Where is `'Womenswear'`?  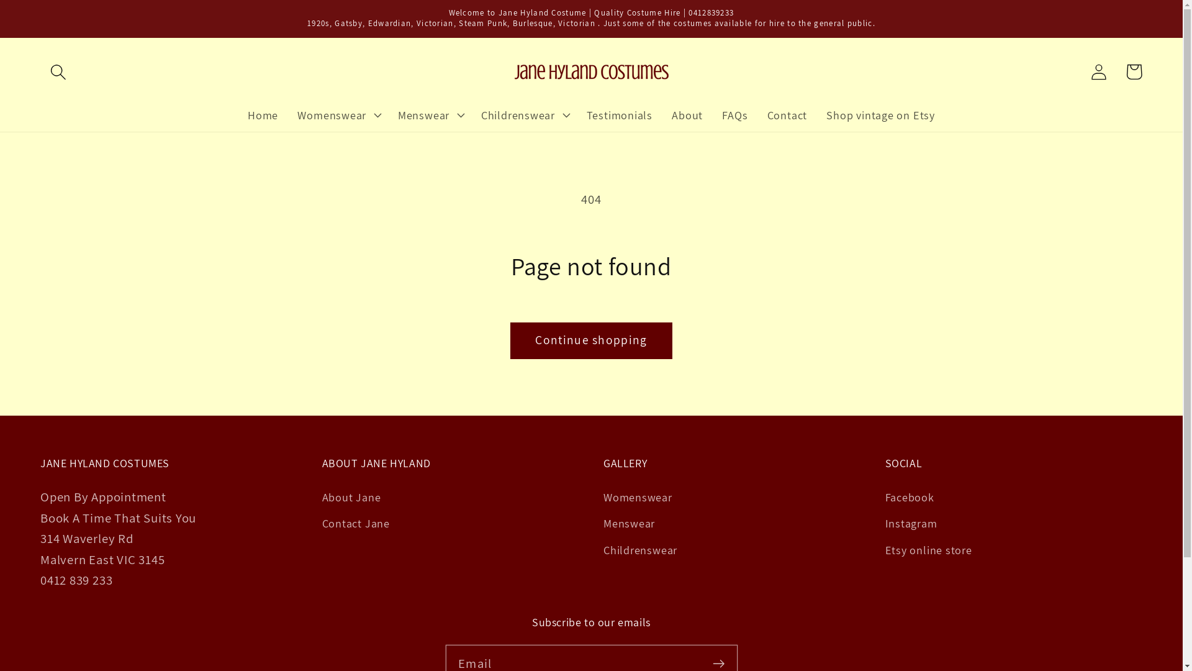
'Womenswear' is located at coordinates (332, 115).